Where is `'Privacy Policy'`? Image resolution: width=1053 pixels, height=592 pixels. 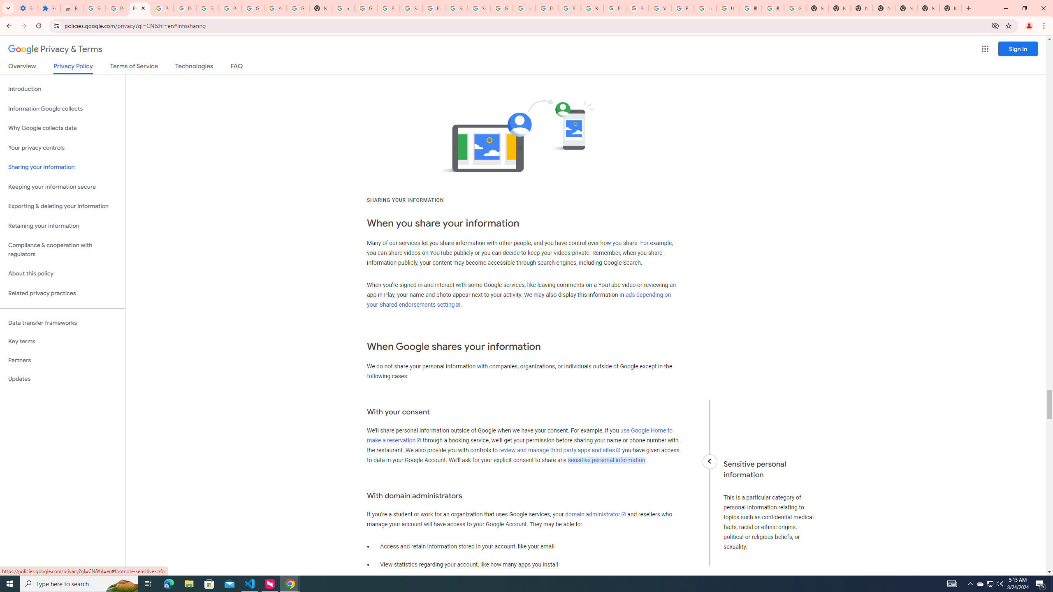 'Privacy Policy' is located at coordinates (72, 68).